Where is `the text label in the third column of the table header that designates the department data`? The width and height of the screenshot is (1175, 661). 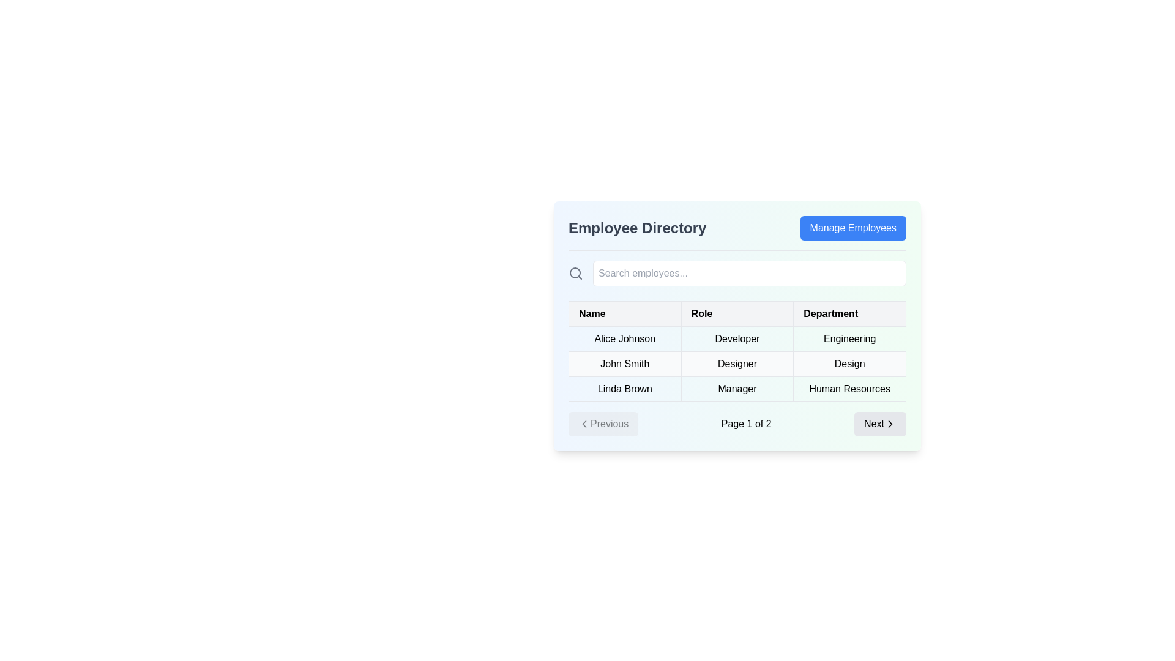 the text label in the third column of the table header that designates the department data is located at coordinates (849, 313).